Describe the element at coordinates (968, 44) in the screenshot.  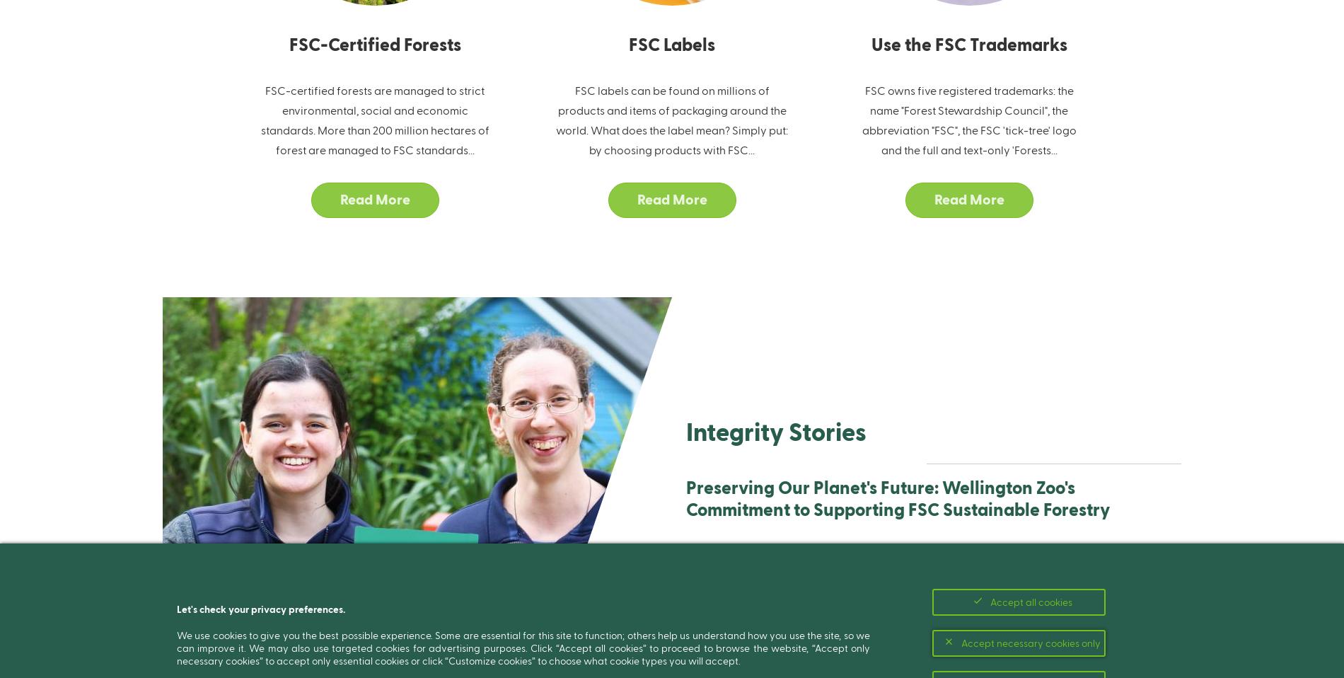
I see `'Use the FSC Trademarks'` at that location.